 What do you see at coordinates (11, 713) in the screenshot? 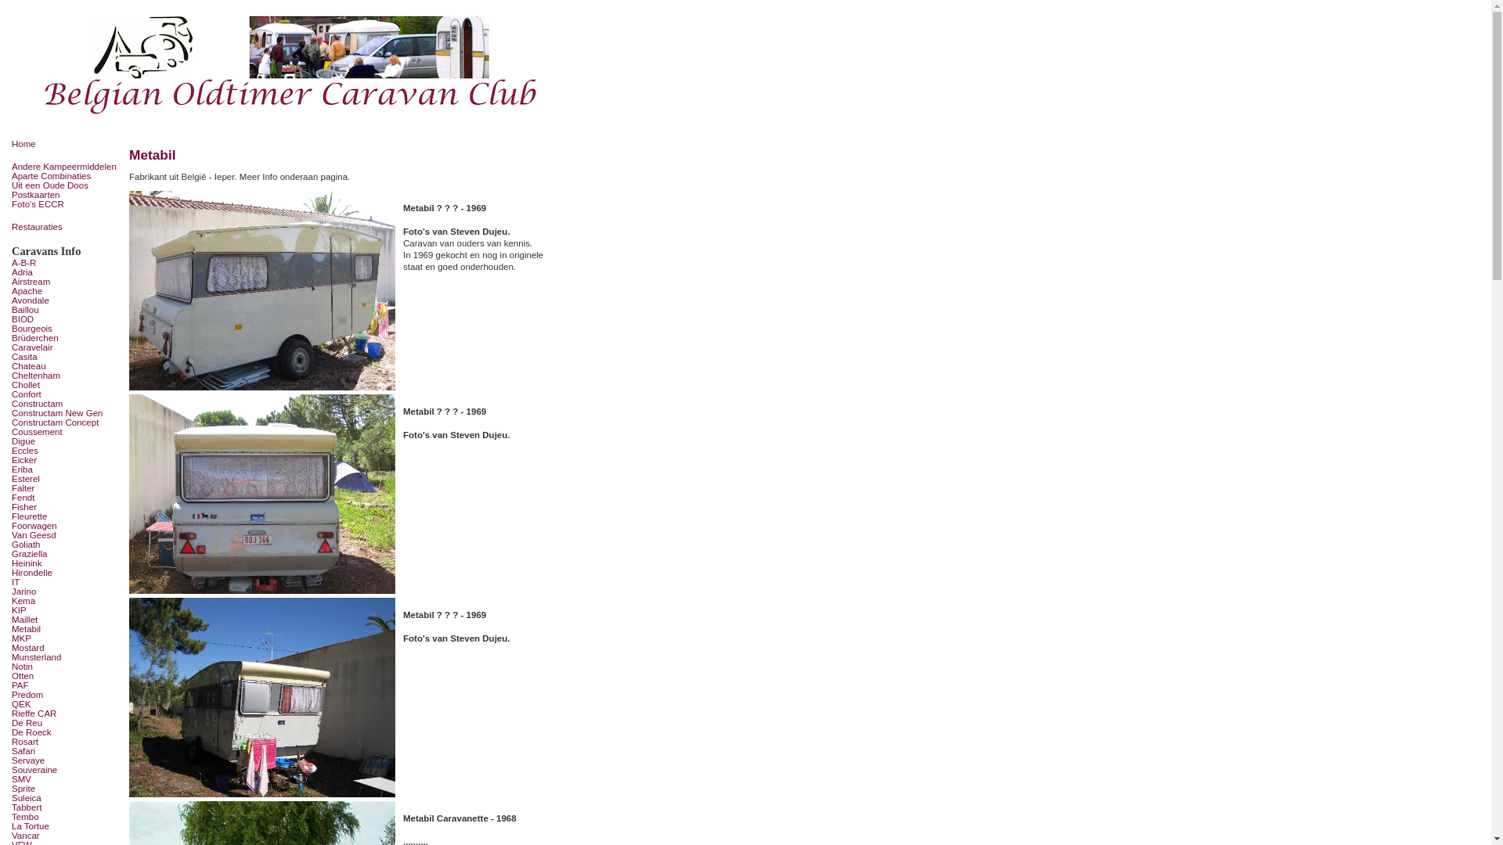
I see `'Rieffe CAR'` at bounding box center [11, 713].